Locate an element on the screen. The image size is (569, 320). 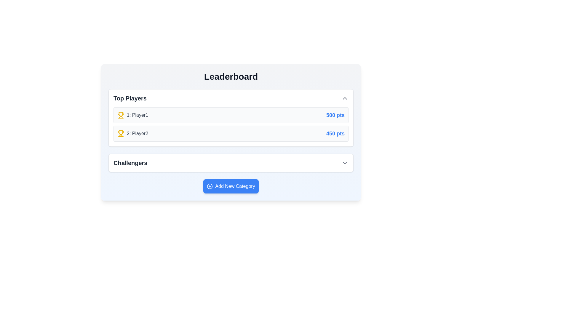
the trophy icon, which is the leftmost icon in the first row of the 'Top Players' section, located directly to the left of the text '1: Player1' is located at coordinates (121, 115).